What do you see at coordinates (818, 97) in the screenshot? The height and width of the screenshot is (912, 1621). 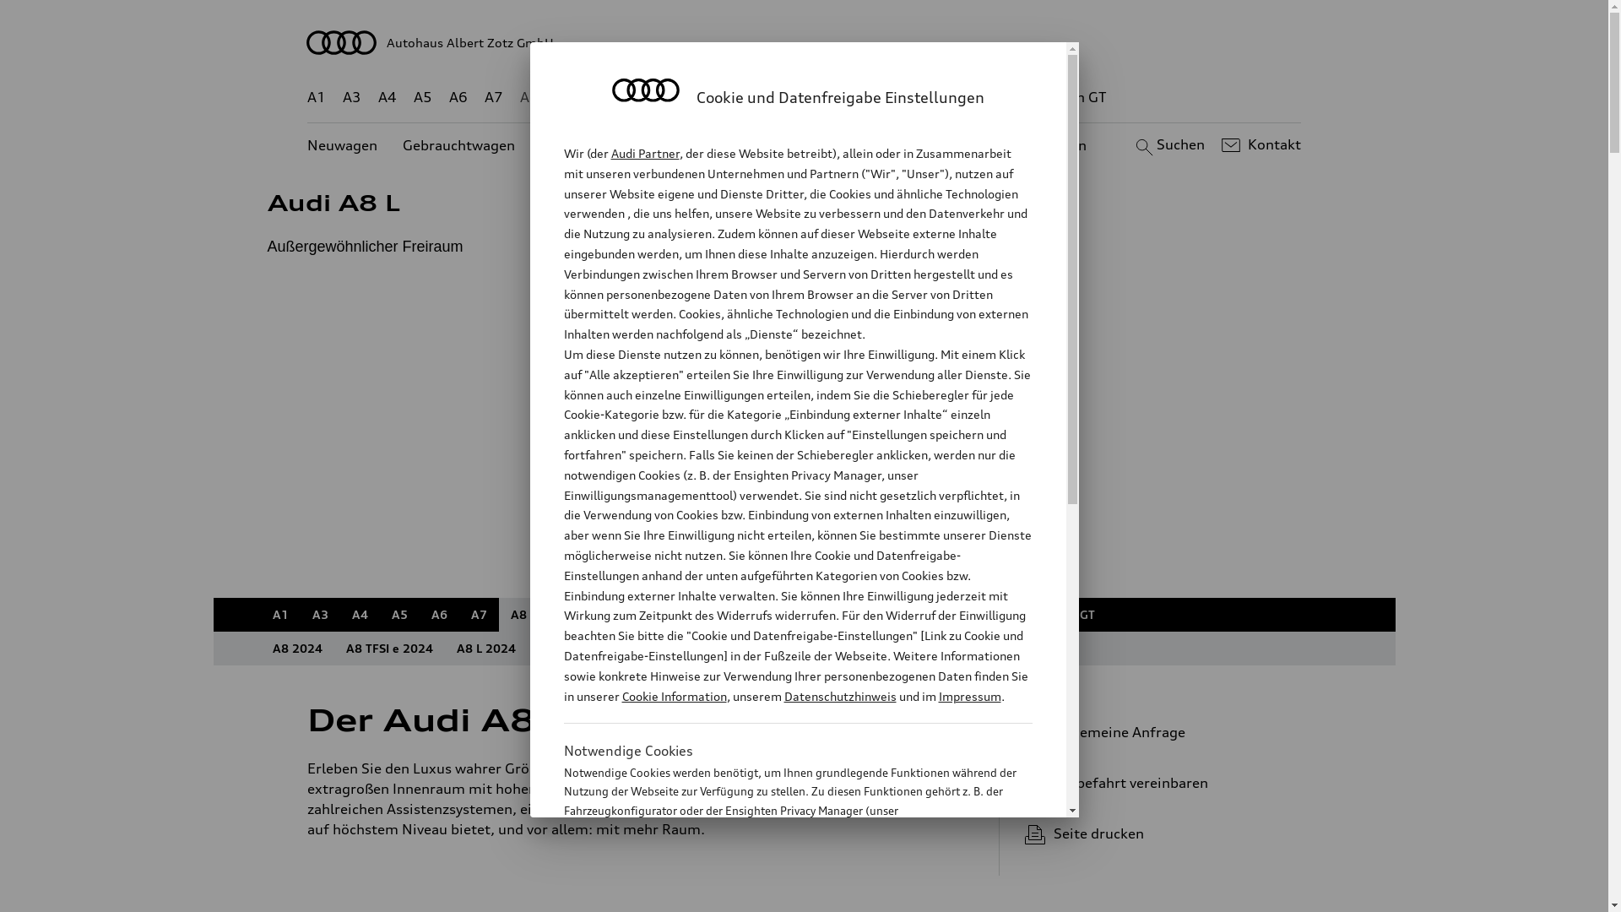 I see `'Q8 e-tron'` at bounding box center [818, 97].